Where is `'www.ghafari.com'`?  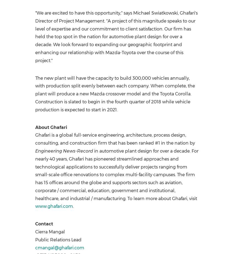
'www.ghafari.com' is located at coordinates (53, 206).